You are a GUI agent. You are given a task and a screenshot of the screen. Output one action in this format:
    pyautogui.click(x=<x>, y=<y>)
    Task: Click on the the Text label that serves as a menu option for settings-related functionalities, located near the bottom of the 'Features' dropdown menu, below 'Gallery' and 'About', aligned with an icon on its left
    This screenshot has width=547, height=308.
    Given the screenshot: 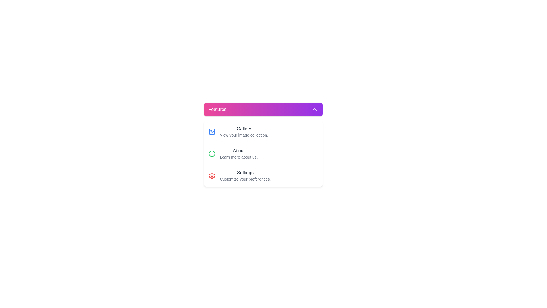 What is the action you would take?
    pyautogui.click(x=245, y=172)
    